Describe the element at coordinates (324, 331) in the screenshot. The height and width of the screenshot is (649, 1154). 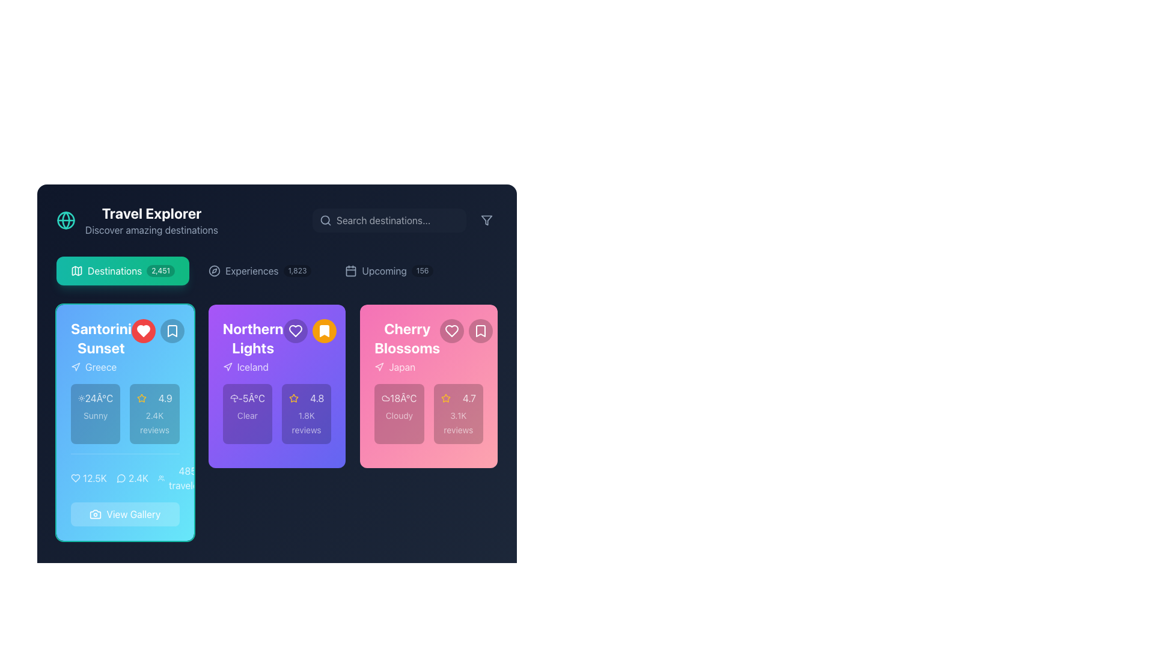
I see `the button for bookmarking located at the top-right corner of the 'Northern Lights' card` at that location.